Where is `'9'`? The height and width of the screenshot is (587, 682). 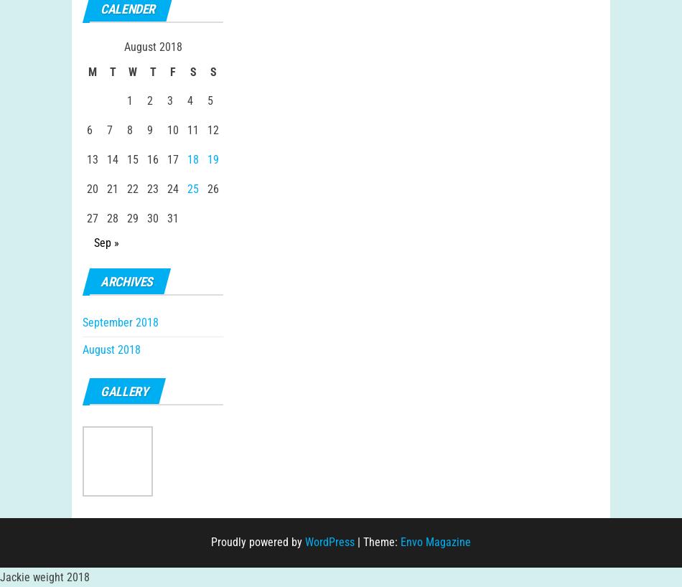
'9' is located at coordinates (150, 143).